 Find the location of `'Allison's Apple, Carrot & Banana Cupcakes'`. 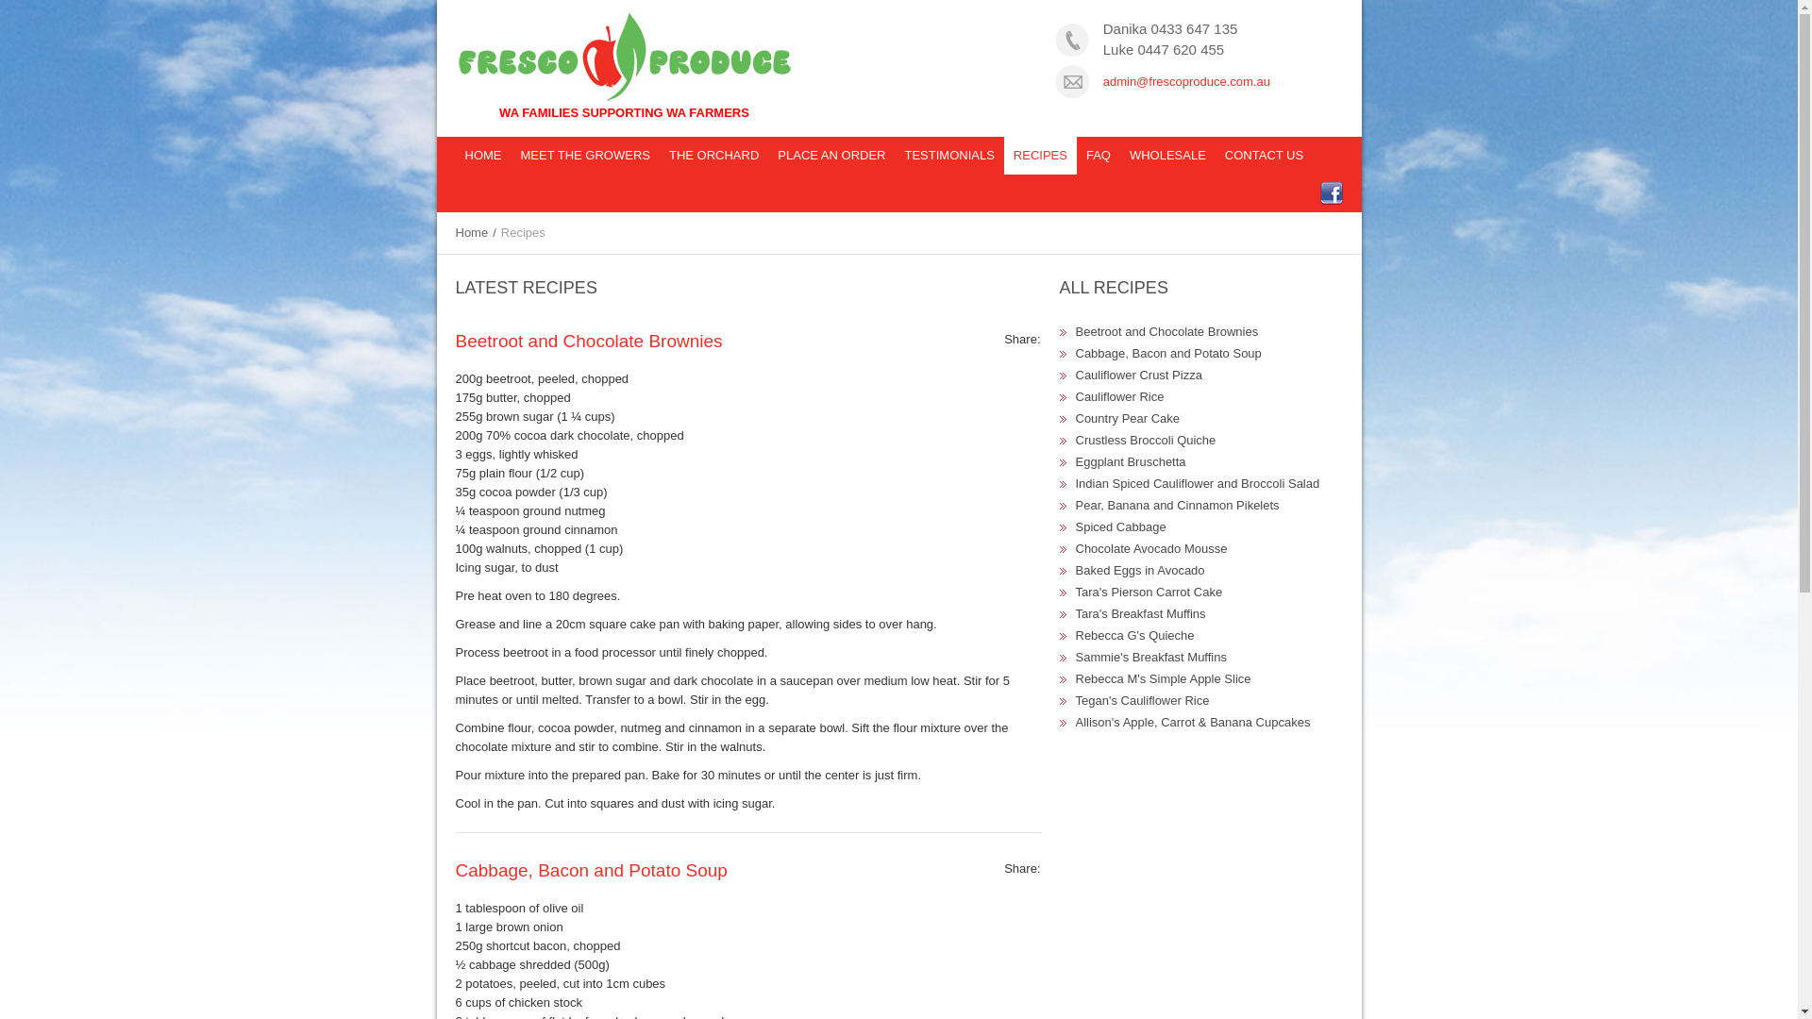

'Allison's Apple, Carrot & Banana Cupcakes' is located at coordinates (1192, 722).